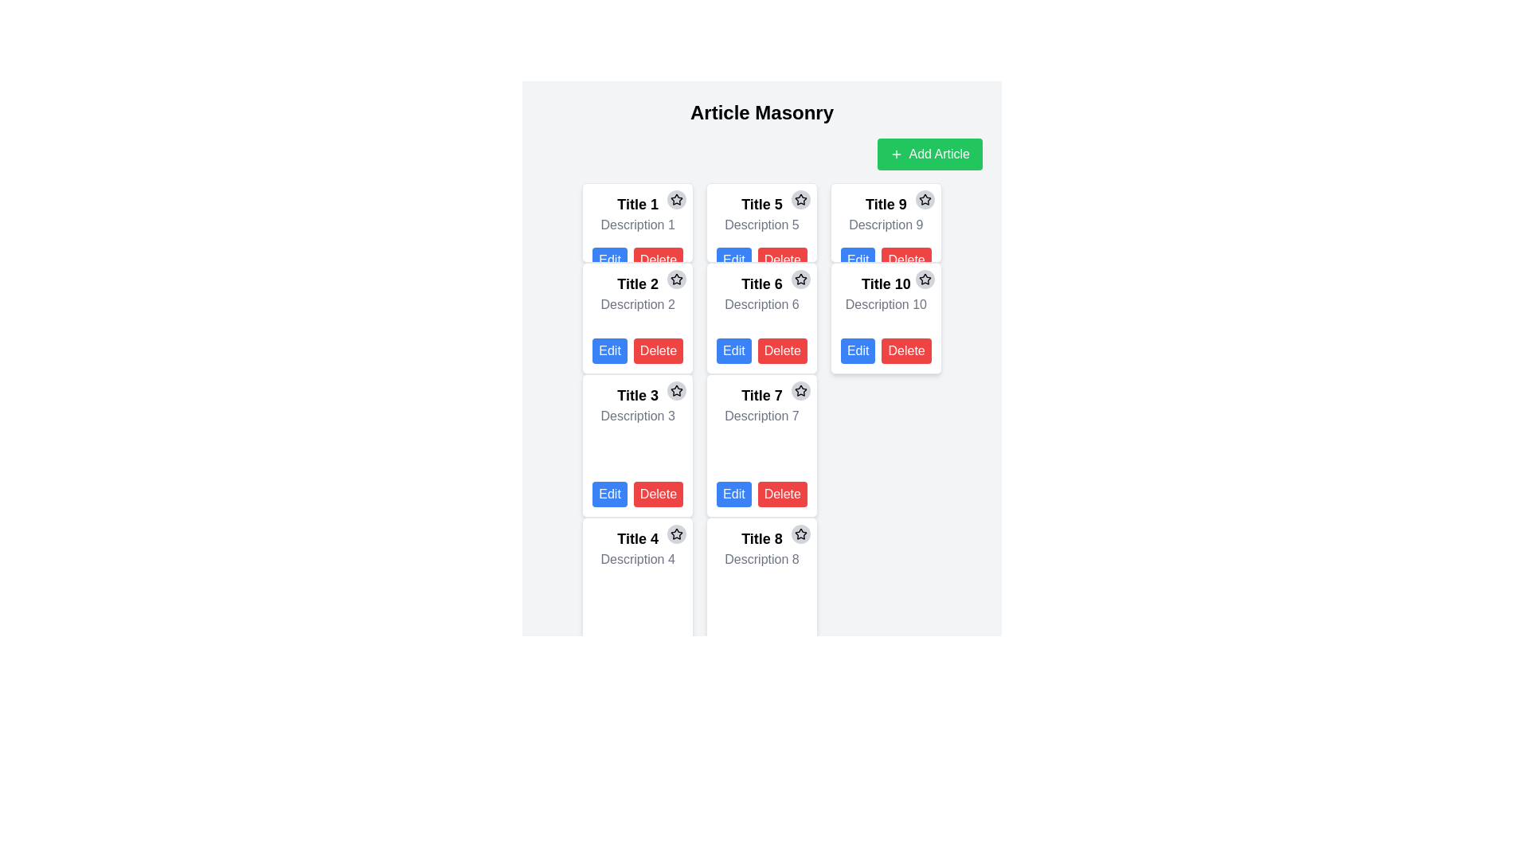 This screenshot has width=1529, height=860. What do you see at coordinates (800, 534) in the screenshot?
I see `the favorite button with a star icon located in the top-right corner of the card displaying 'Title 8'` at bounding box center [800, 534].